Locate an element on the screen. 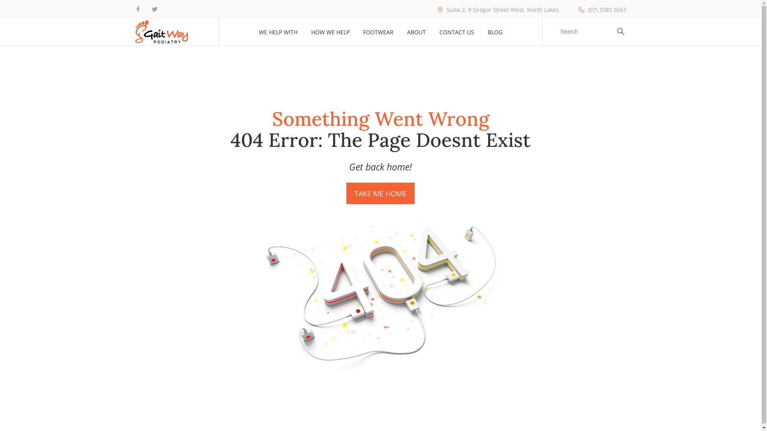 This screenshot has width=767, height=431. 'ABOUT' is located at coordinates (415, 32).